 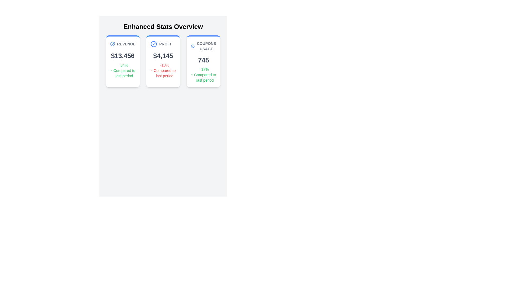 What do you see at coordinates (164, 70) in the screenshot?
I see `the text label displaying '-13% Compared to last period' in red, located in the middle card labeled 'PROFIT', below '$4,145'` at bounding box center [164, 70].